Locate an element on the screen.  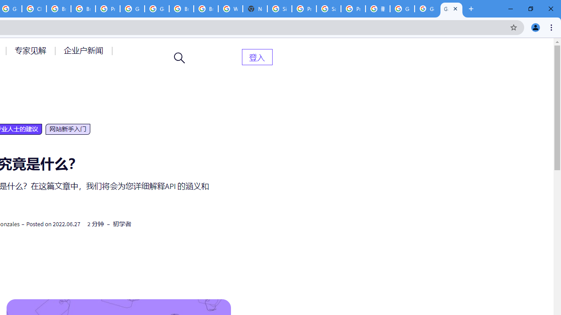
'AutomationID: menu-item-82399' is located at coordinates (256, 56).